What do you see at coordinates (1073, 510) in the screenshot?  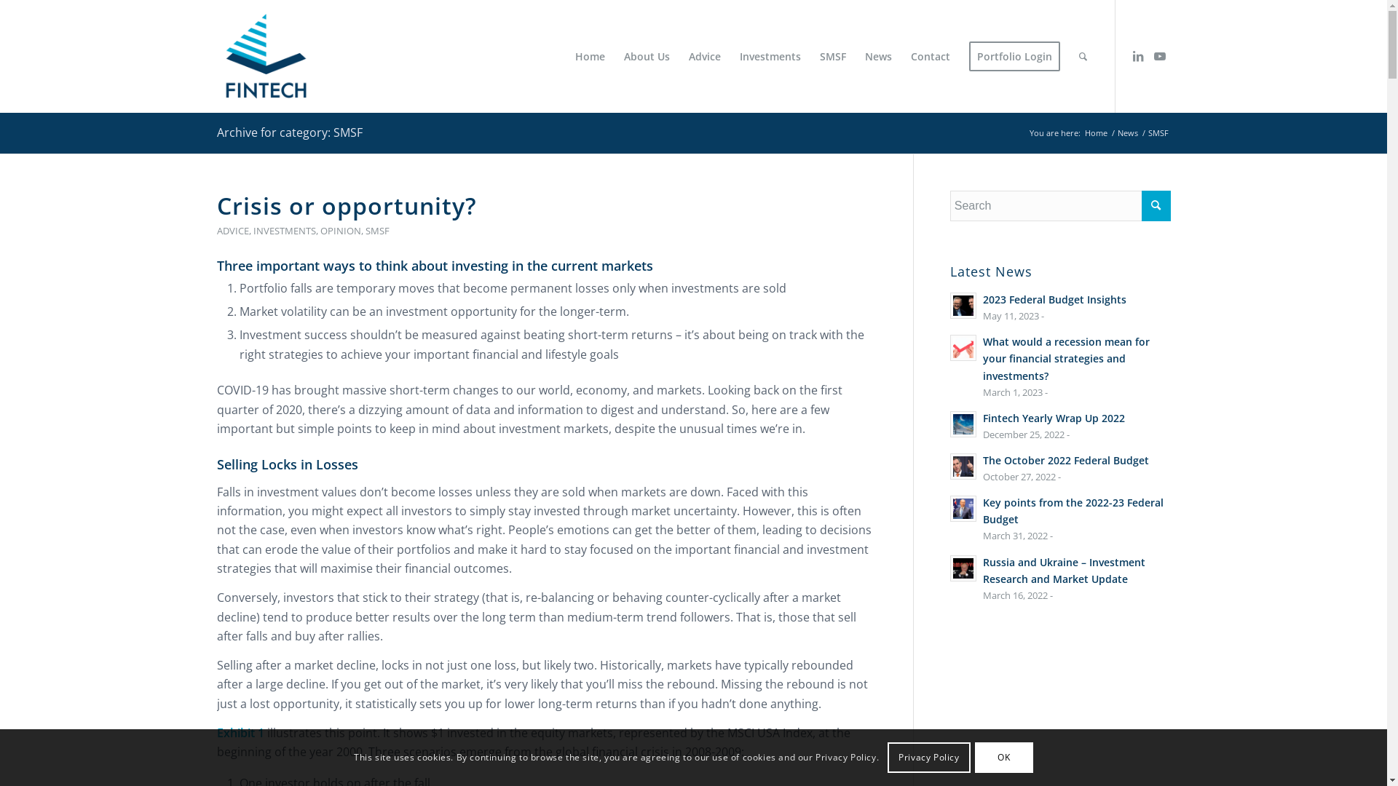 I see `'Key points from the 2022-23 Federal Budget'` at bounding box center [1073, 510].